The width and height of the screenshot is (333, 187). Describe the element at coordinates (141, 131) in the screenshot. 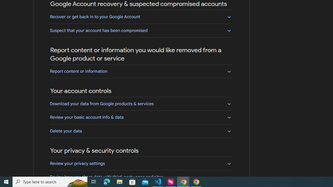

I see `'Delete your data'` at that location.